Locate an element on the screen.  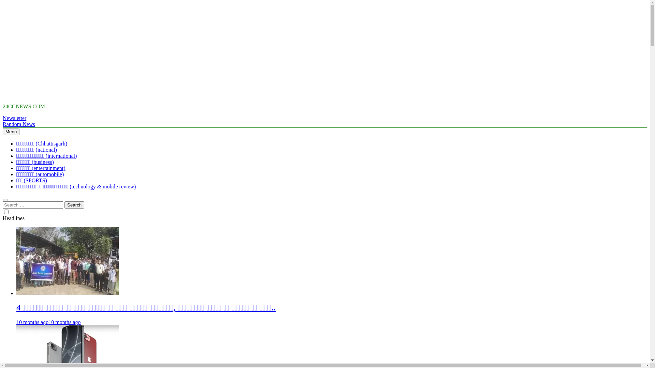
'Random News' is located at coordinates (19, 124).